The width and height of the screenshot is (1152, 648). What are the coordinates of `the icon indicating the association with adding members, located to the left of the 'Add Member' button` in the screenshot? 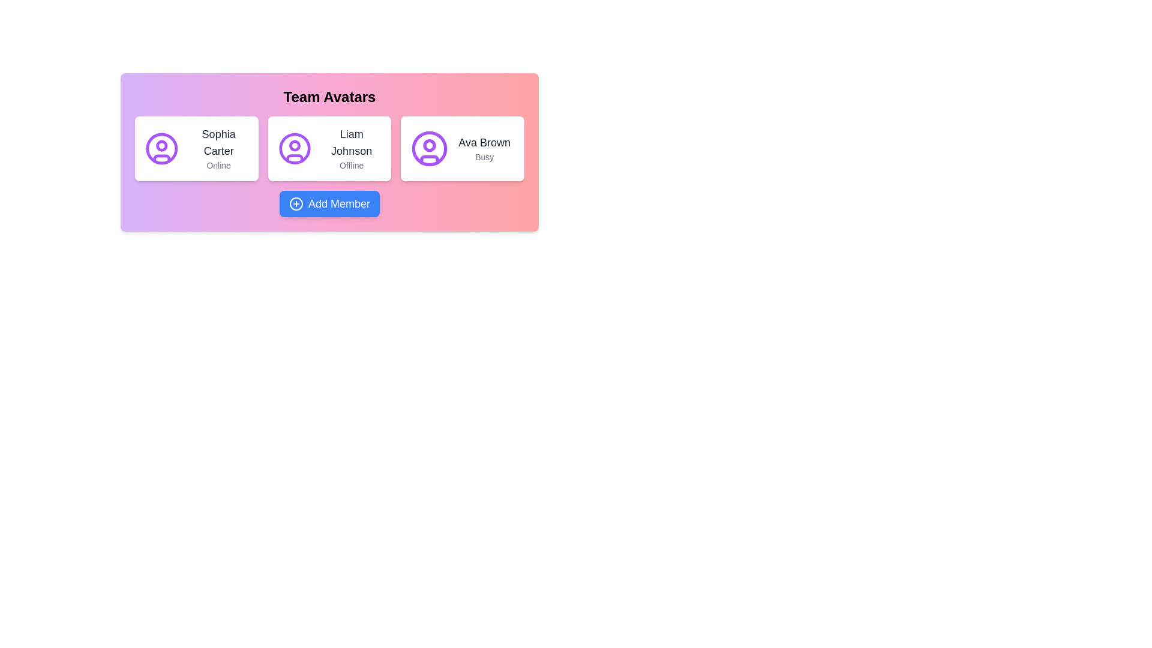 It's located at (296, 203).